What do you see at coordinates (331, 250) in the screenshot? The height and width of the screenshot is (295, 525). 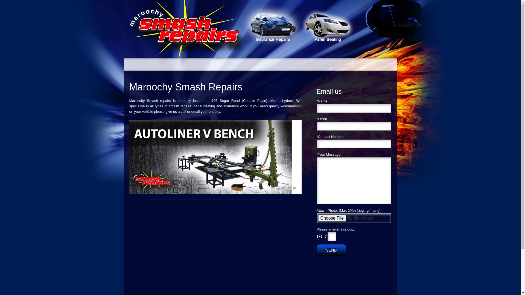 I see `'Send'` at bounding box center [331, 250].